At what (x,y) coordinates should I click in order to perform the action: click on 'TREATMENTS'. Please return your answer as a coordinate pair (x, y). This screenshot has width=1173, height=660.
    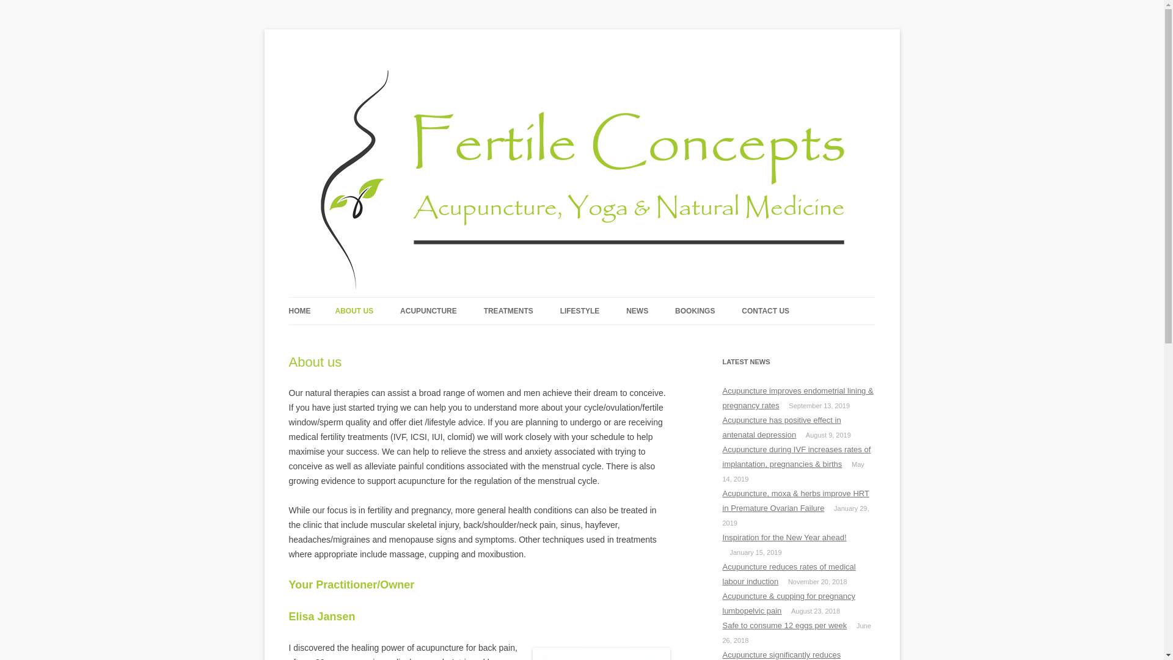
    Looking at the image, I should click on (483, 310).